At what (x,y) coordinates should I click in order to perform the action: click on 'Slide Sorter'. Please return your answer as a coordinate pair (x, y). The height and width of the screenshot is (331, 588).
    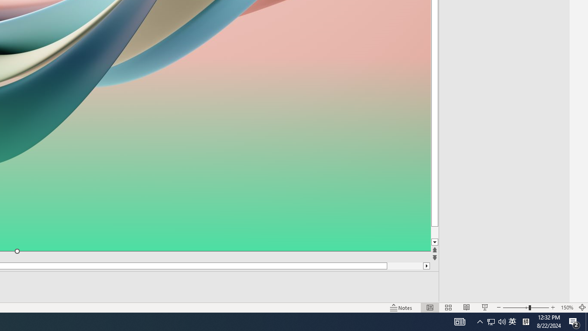
    Looking at the image, I should click on (448, 308).